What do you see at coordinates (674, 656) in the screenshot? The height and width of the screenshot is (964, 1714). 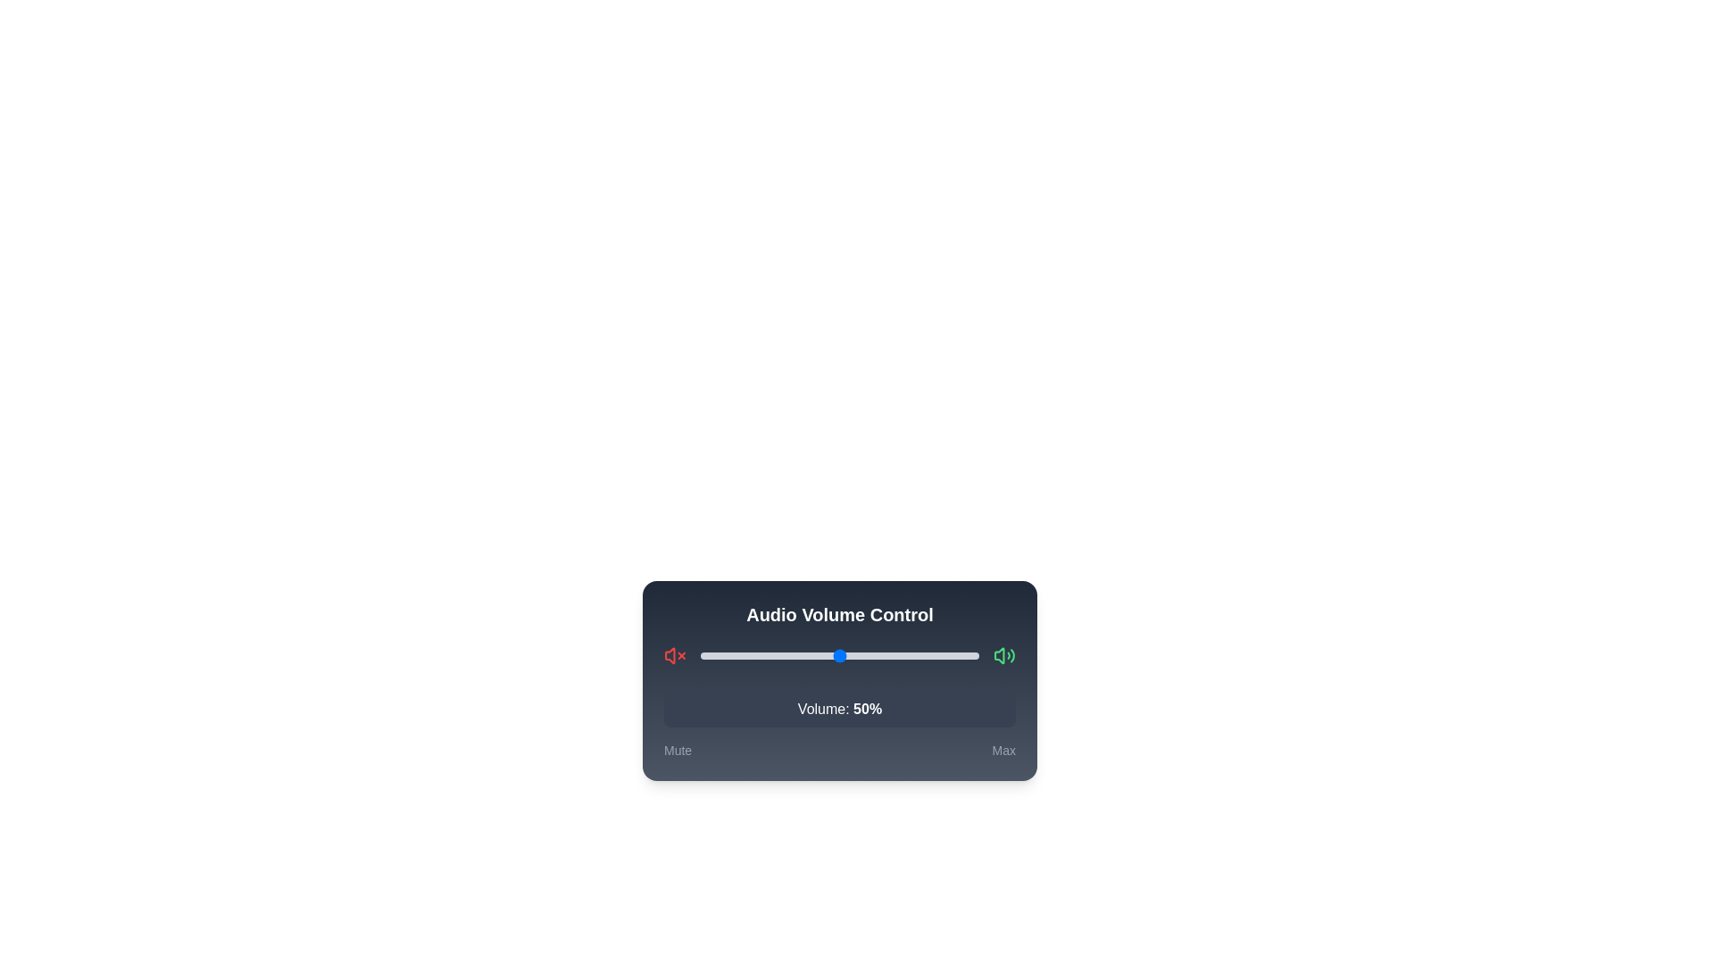 I see `the mute icon to mute the audio` at bounding box center [674, 656].